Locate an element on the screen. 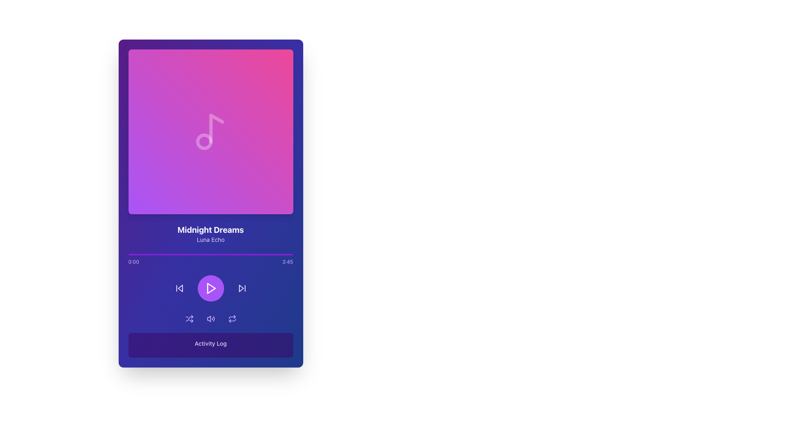 This screenshot has width=791, height=445. the interactive toolbar with icons located near the bottom of the interface is located at coordinates (211, 319).